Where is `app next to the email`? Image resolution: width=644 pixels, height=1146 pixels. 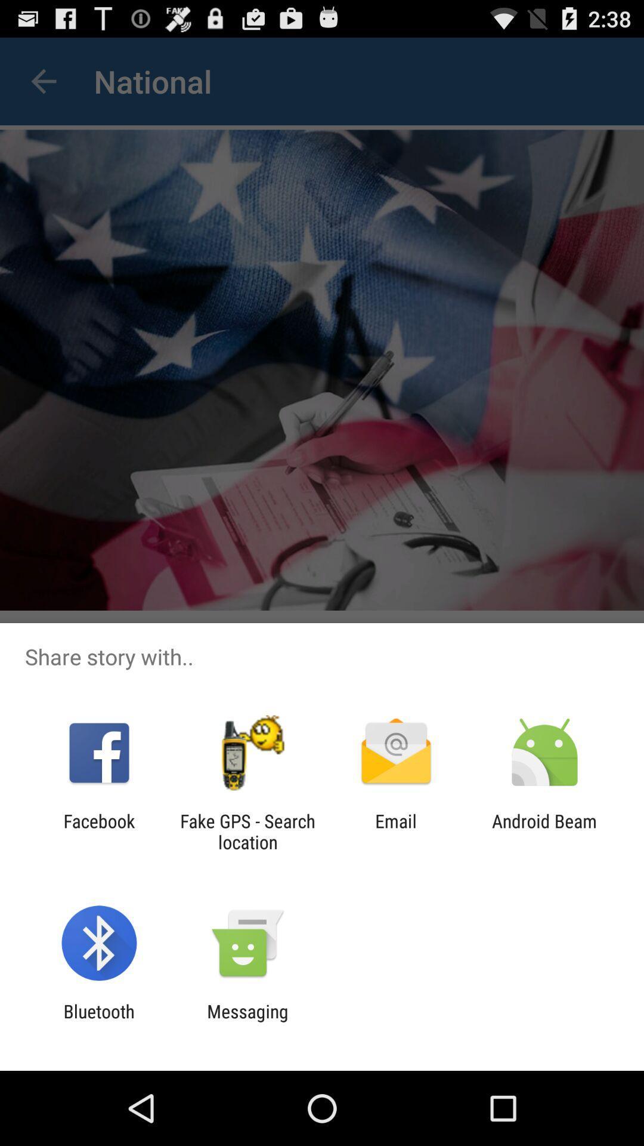 app next to the email is located at coordinates (544, 831).